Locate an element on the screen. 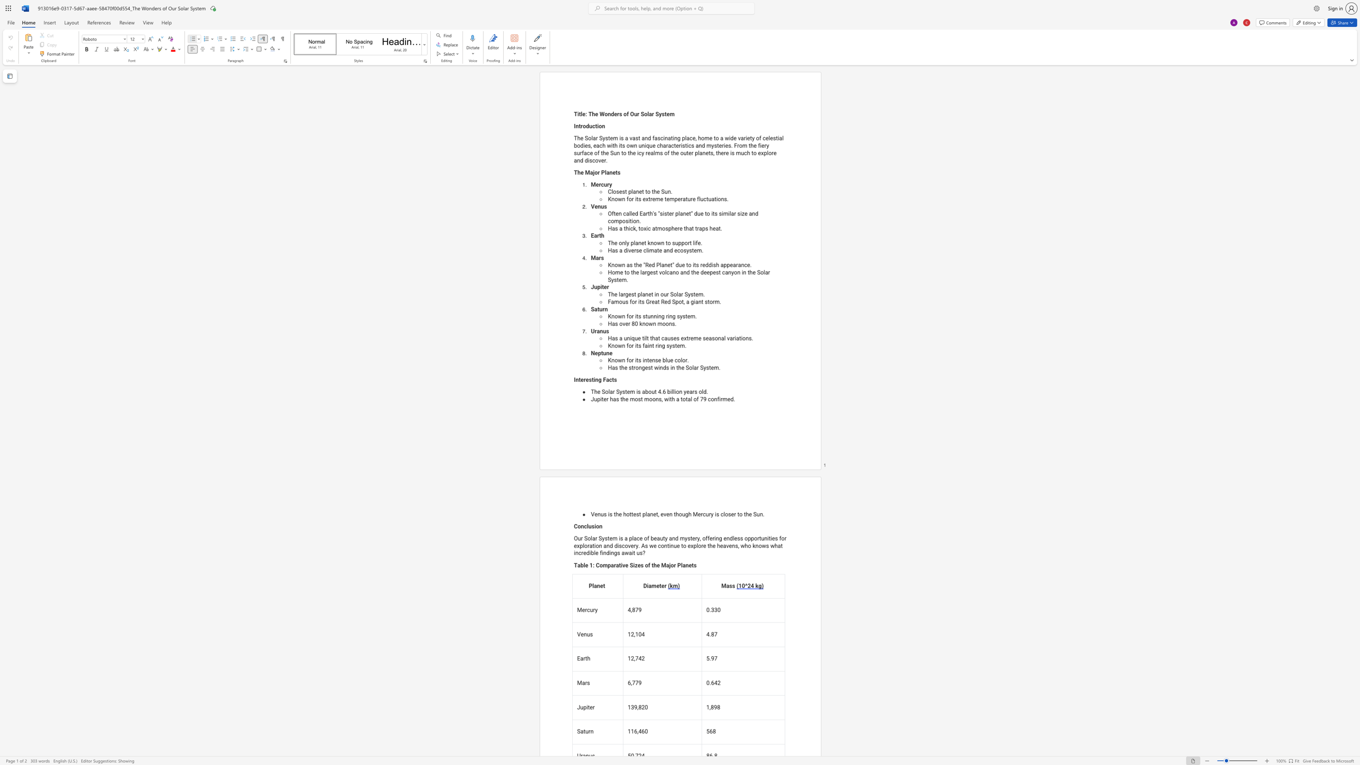  the space between the continuous character "t" and "e" in the text is located at coordinates (687, 316).